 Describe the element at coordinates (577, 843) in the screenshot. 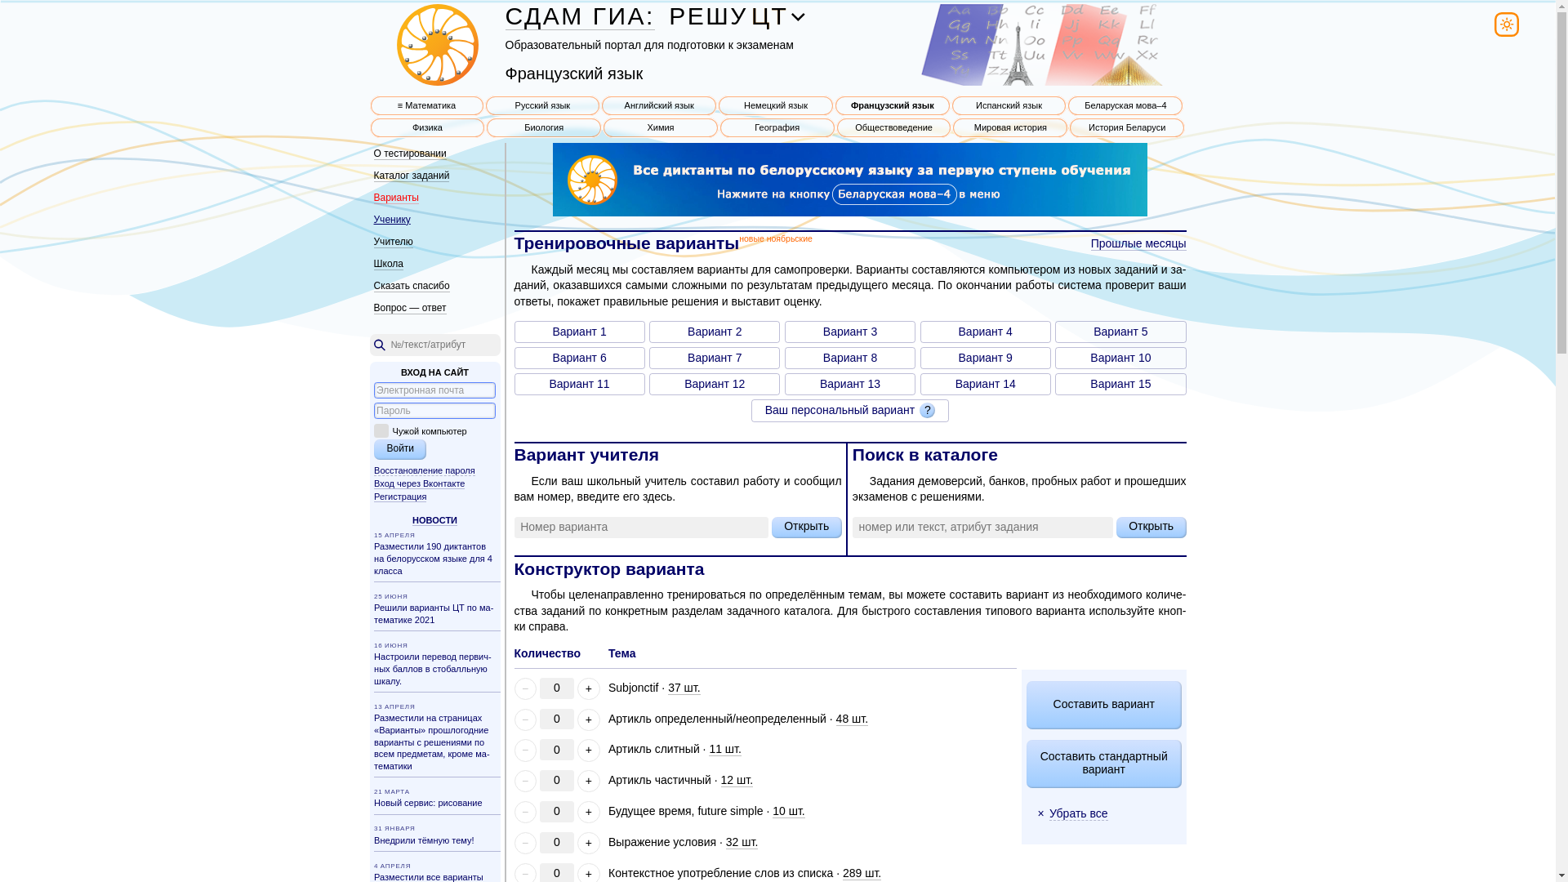

I see `'+'` at that location.